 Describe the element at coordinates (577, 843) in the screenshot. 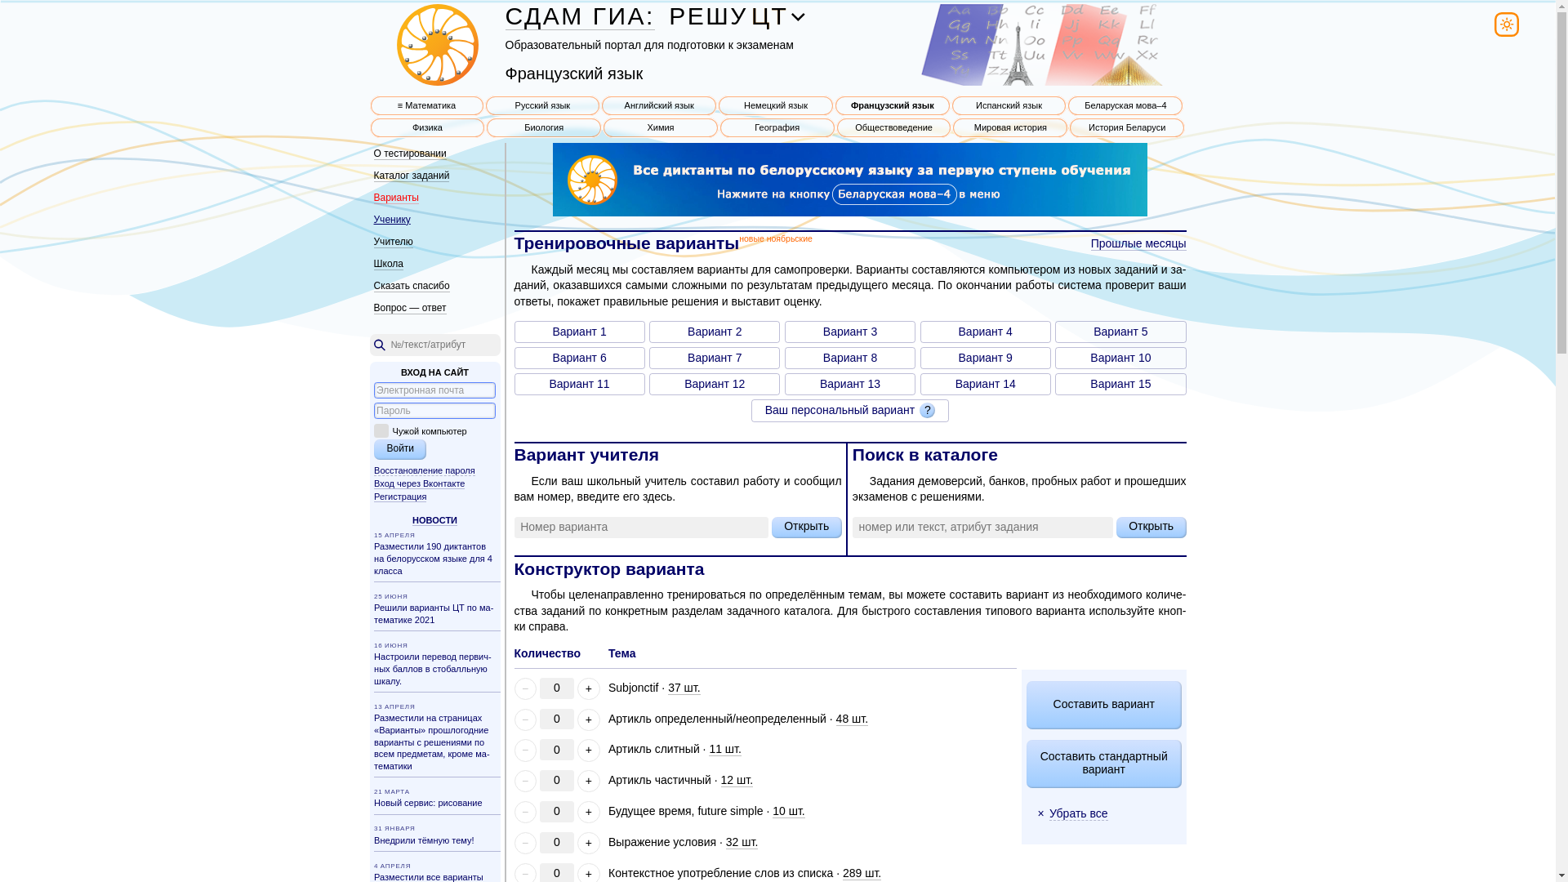

I see `'+'` at that location.